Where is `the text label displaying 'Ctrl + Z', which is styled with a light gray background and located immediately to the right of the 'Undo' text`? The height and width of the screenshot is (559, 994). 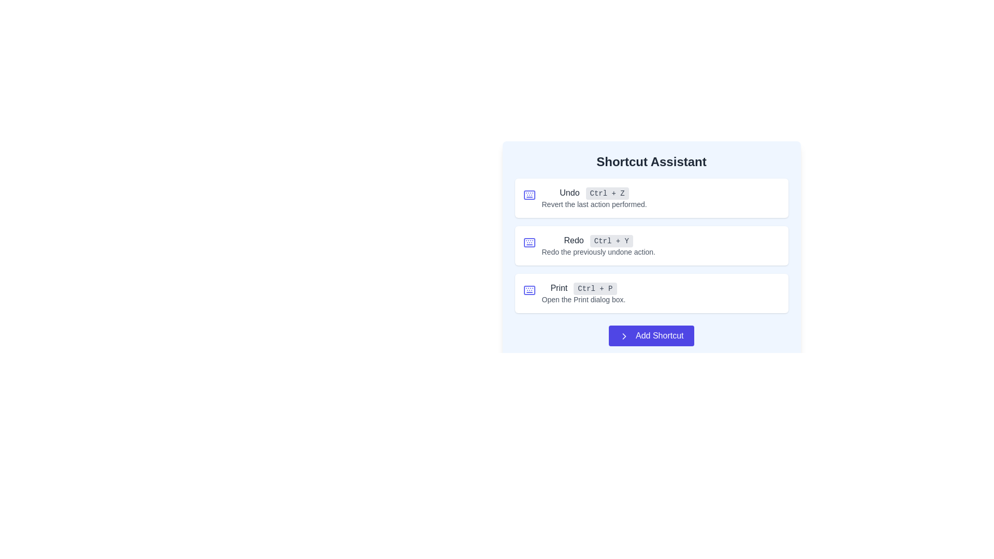 the text label displaying 'Ctrl + Z', which is styled with a light gray background and located immediately to the right of the 'Undo' text is located at coordinates (607, 194).